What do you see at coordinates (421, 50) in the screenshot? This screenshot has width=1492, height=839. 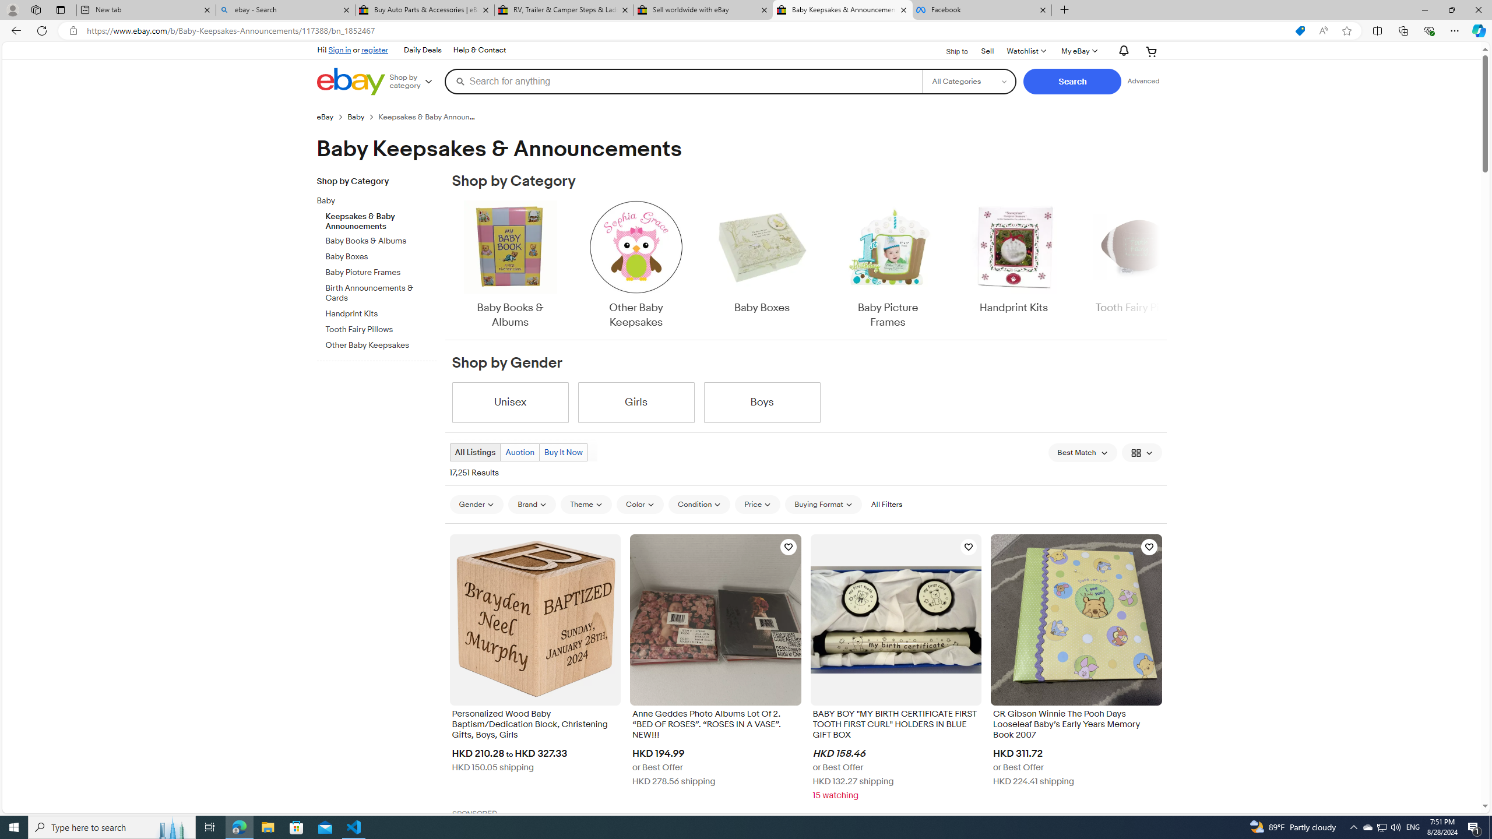 I see `'Daily Deals'` at bounding box center [421, 50].